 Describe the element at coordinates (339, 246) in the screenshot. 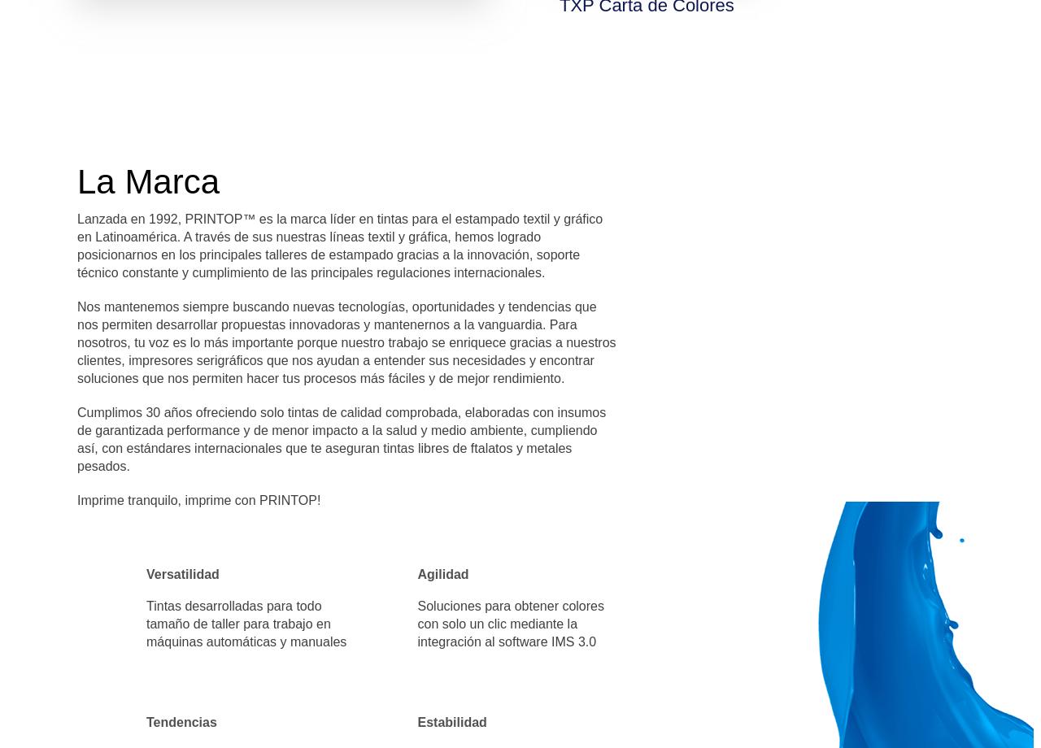

I see `'Lanzada en 1992, PRINTOP™ es la marca líder en tintas para el estampado textil y gráfico en Latinoamérica. A través de sus nuestras líneas textil y gráfica, hemos logrado posicionarnos en los principales talleres de estampado gracias a la innovación, soporte técnico constante y cumplimiento de las principales regulaciones internacionales.'` at that location.